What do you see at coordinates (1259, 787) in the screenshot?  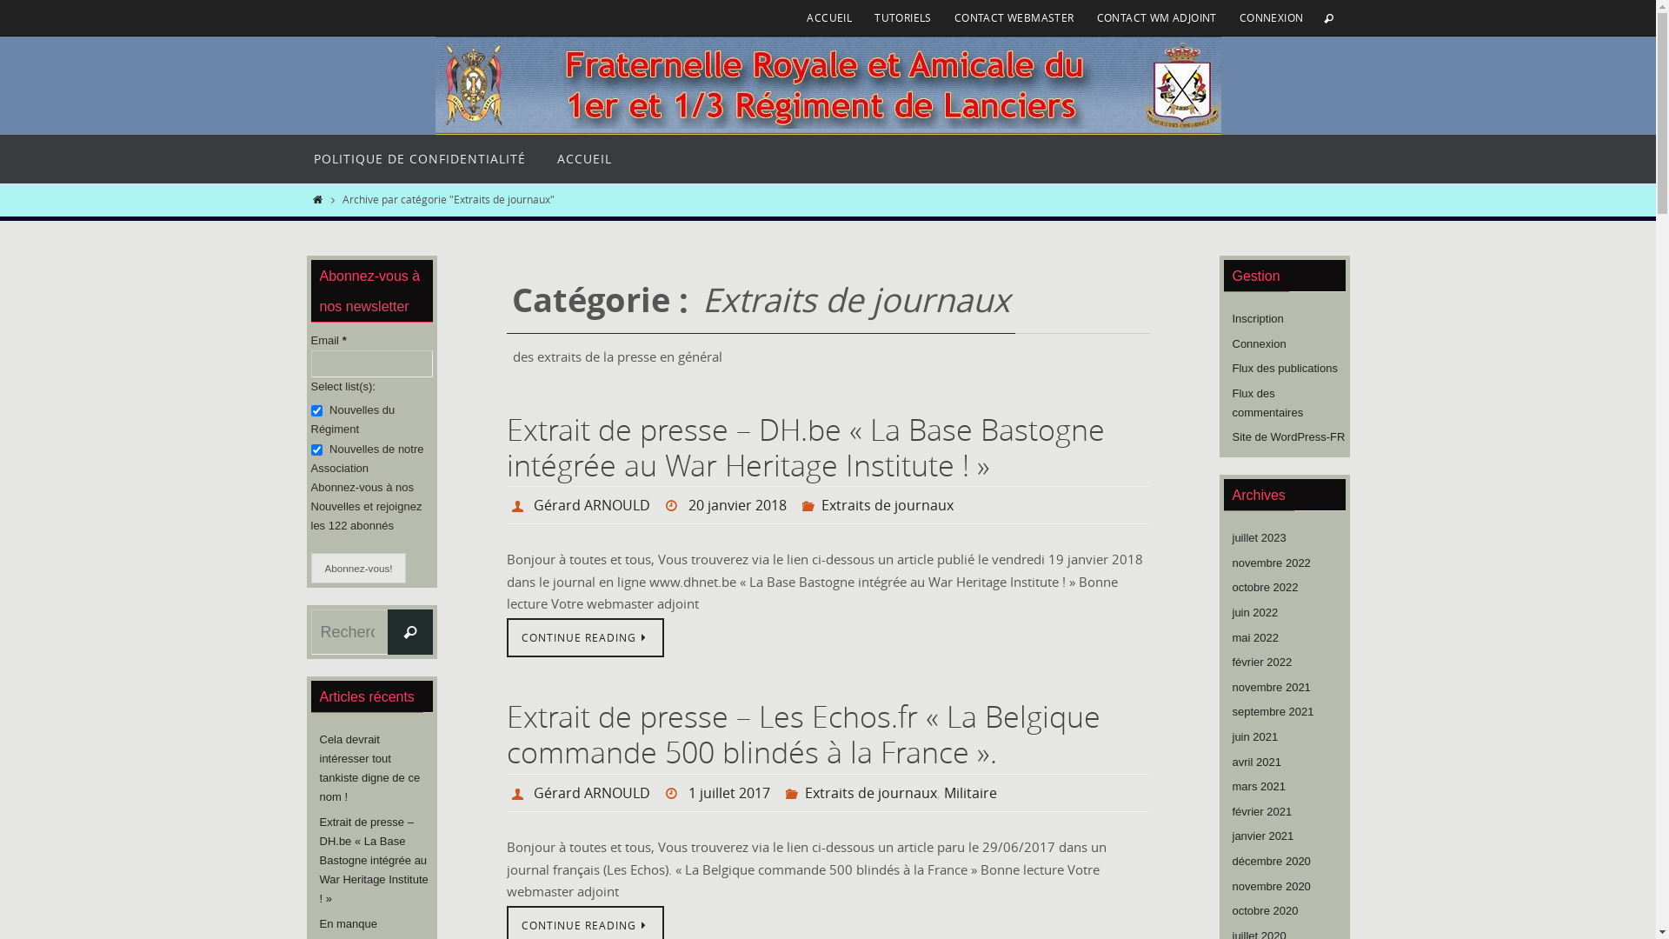 I see `'mars 2021'` at bounding box center [1259, 787].